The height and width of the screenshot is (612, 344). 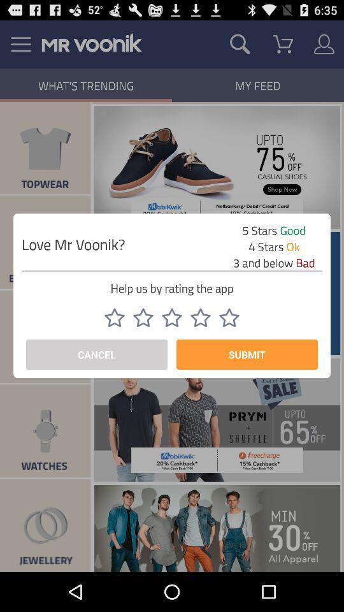 I want to click on rate 3 stars, so click(x=172, y=317).